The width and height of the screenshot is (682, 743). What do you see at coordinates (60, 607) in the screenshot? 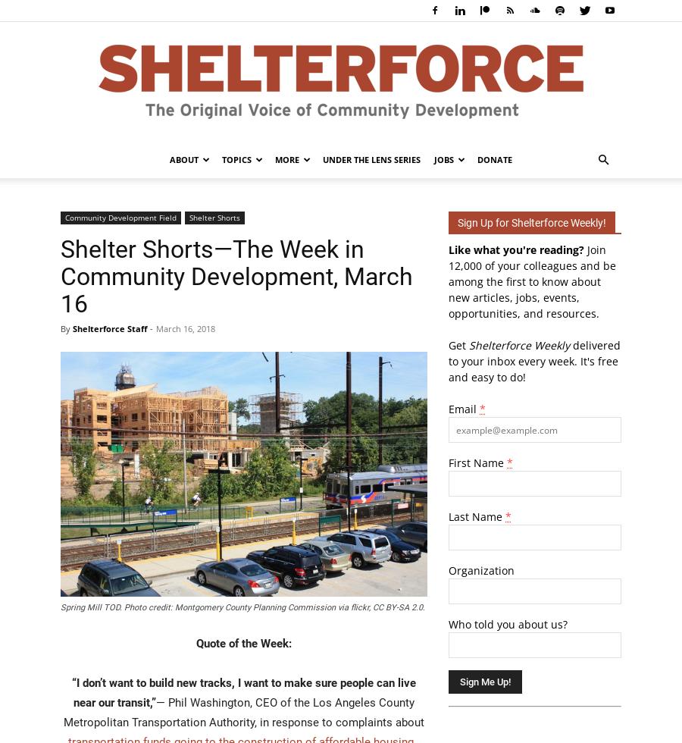
I see `'Spring Mill TOD. Photo credit: Montgomery County Planning Commission via flickr, CC BY-SA 2.0.'` at bounding box center [60, 607].